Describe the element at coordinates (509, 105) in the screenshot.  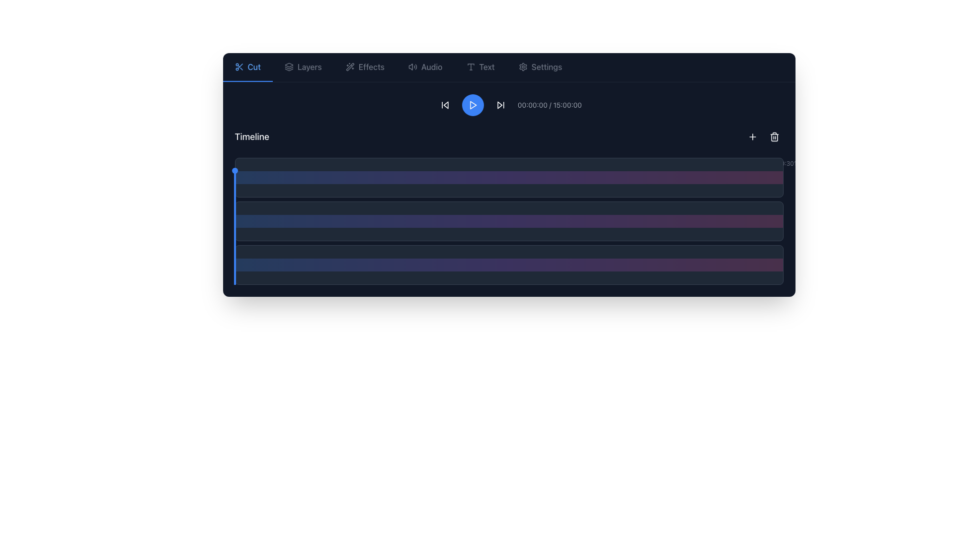
I see `the Text Display element that shows the playback progress, located centrally in the header bar to the right of the playback control button` at that location.